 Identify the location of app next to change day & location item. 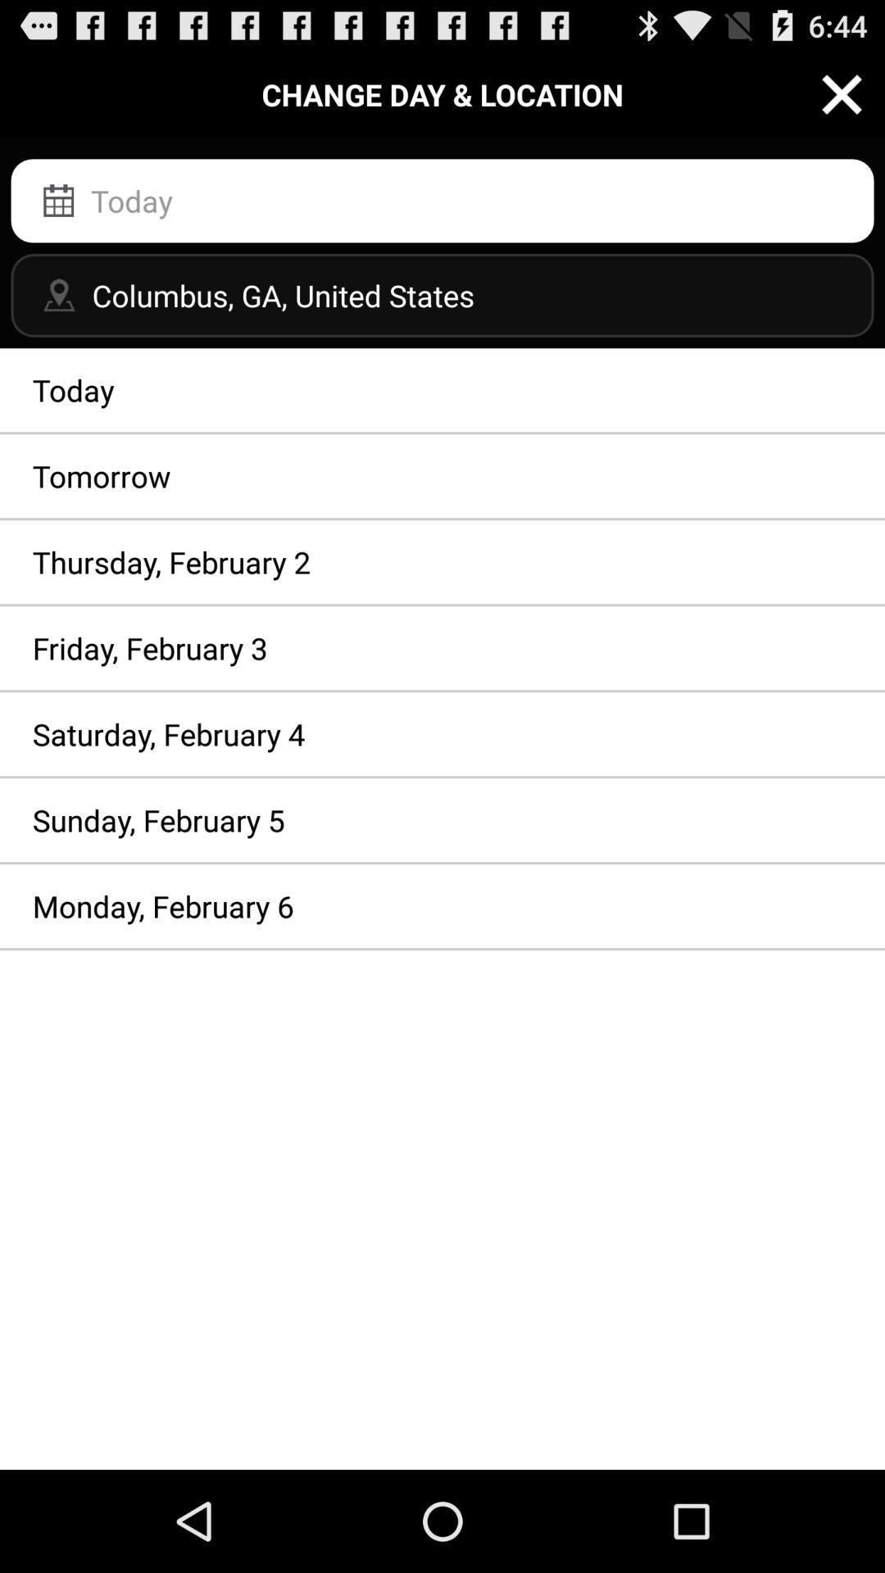
(842, 93).